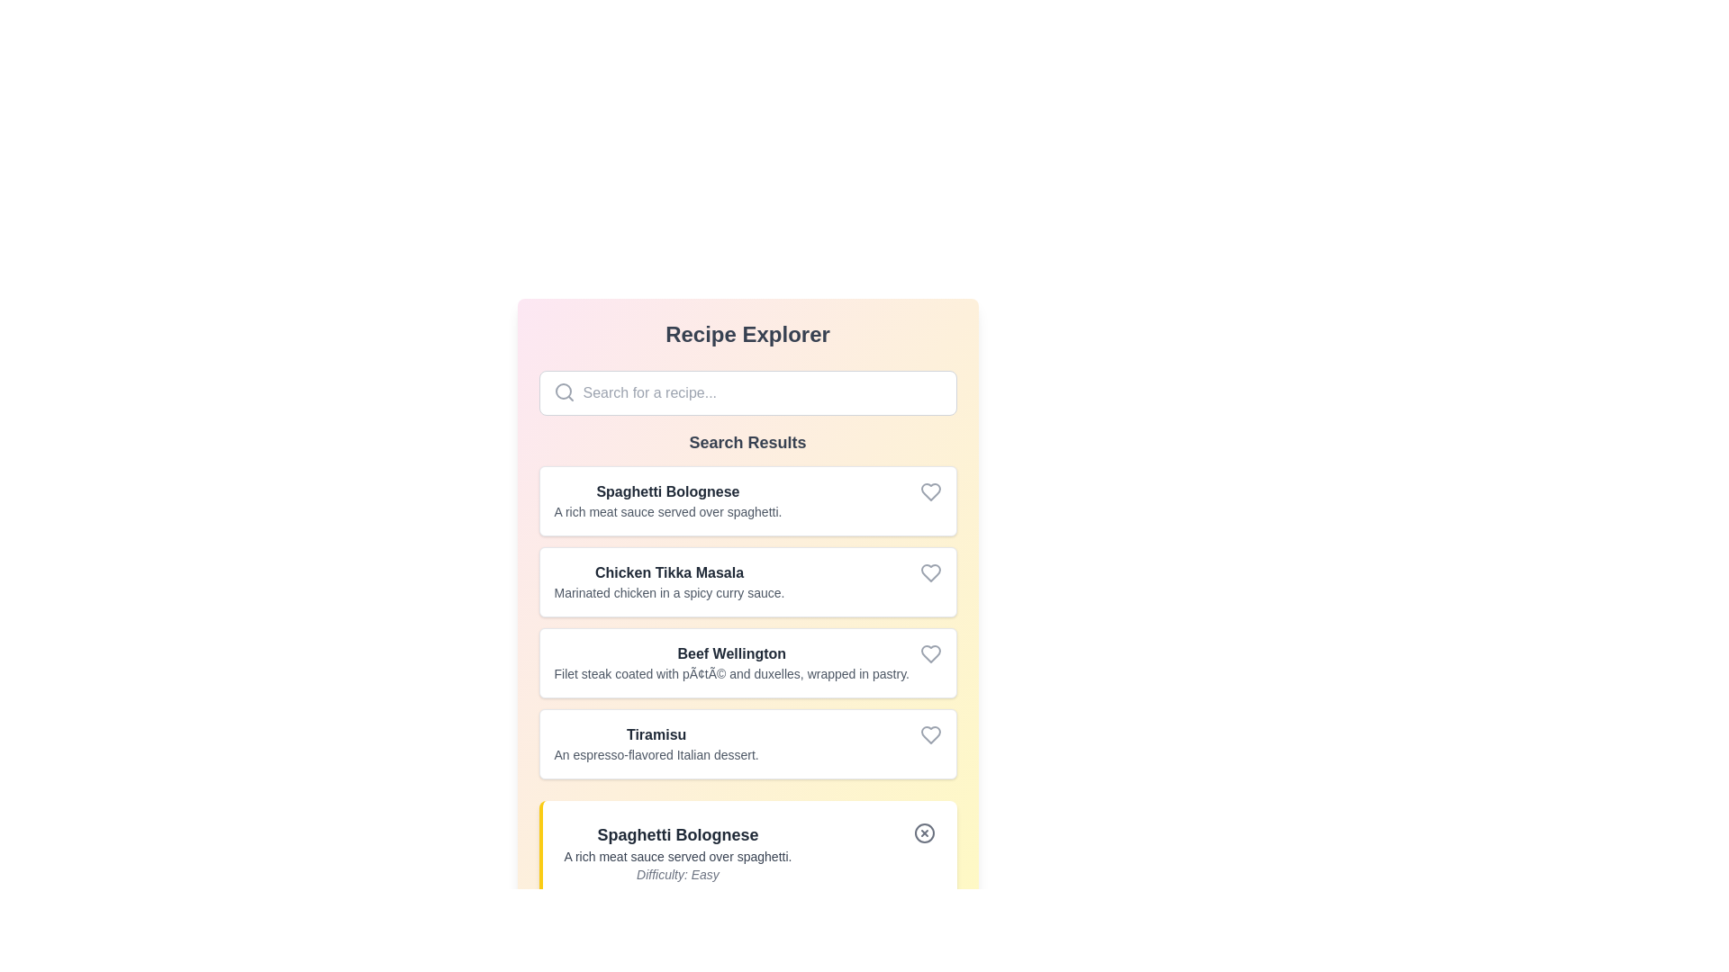 This screenshot has width=1729, height=972. I want to click on the third item in the 'Search Results' list, which displays a dish name and its description, to read details about the dish, so click(747, 621).